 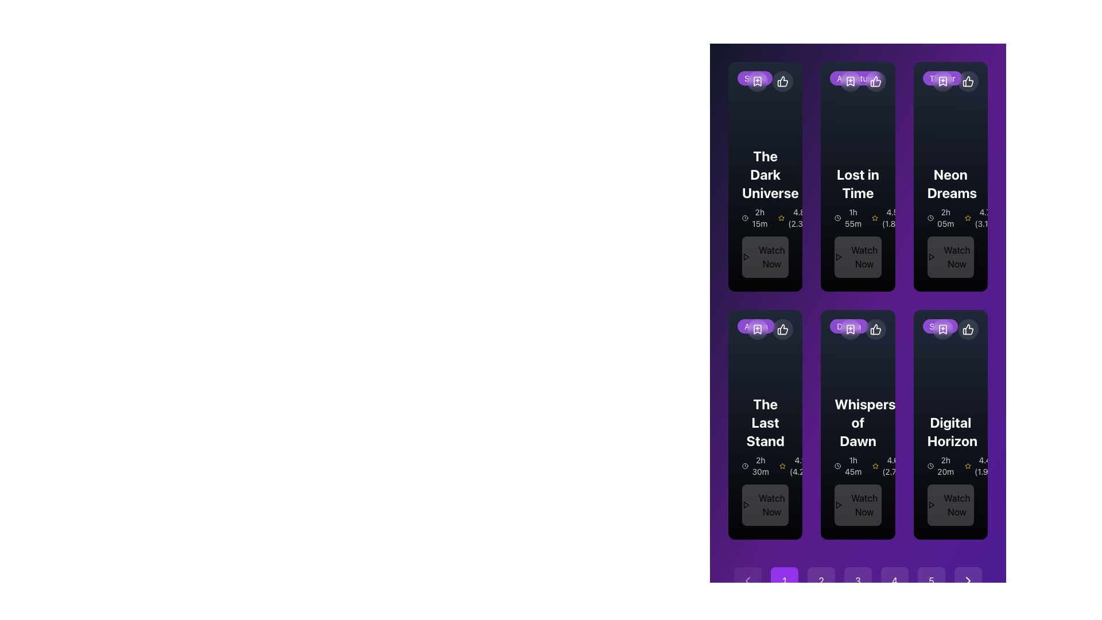 I want to click on the like or upvote button for the 'Neon Dreams' card located in the top-right corner, so click(x=967, y=81).